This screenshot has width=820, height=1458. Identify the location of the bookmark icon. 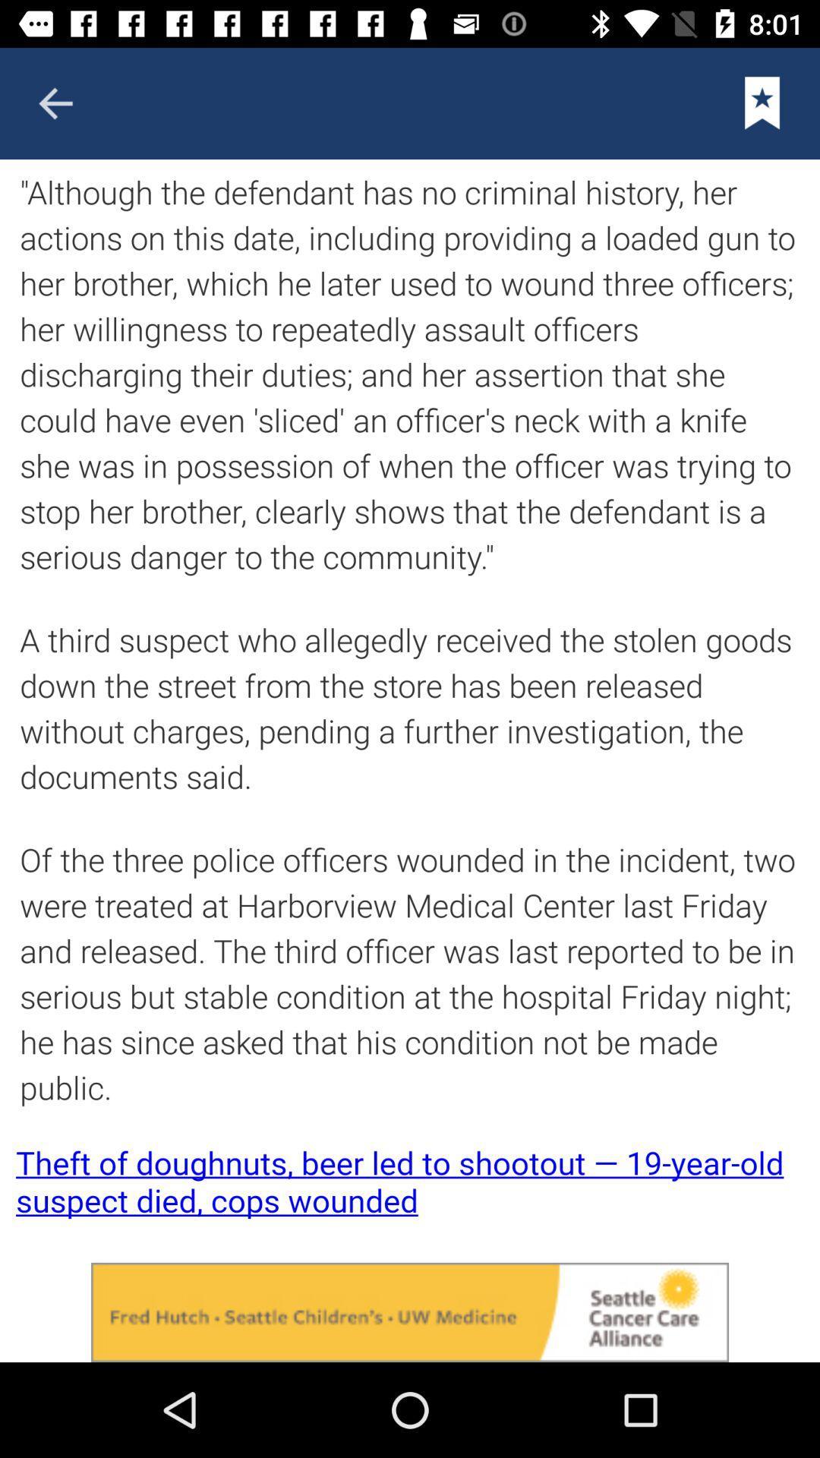
(762, 103).